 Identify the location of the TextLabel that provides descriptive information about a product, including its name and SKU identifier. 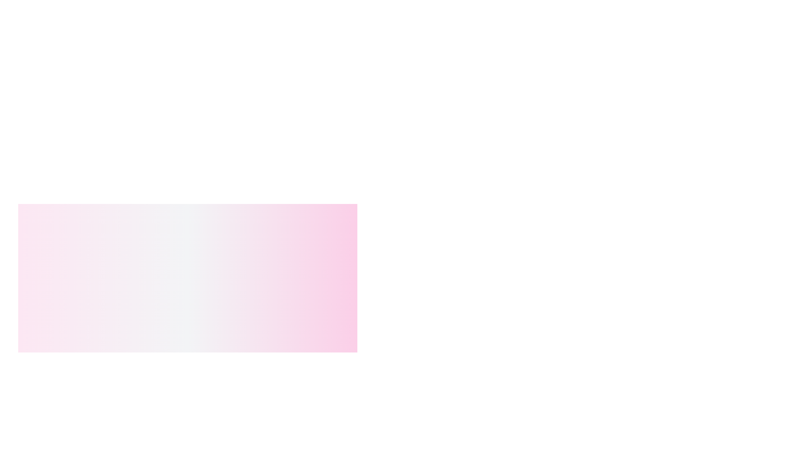
(187, 443).